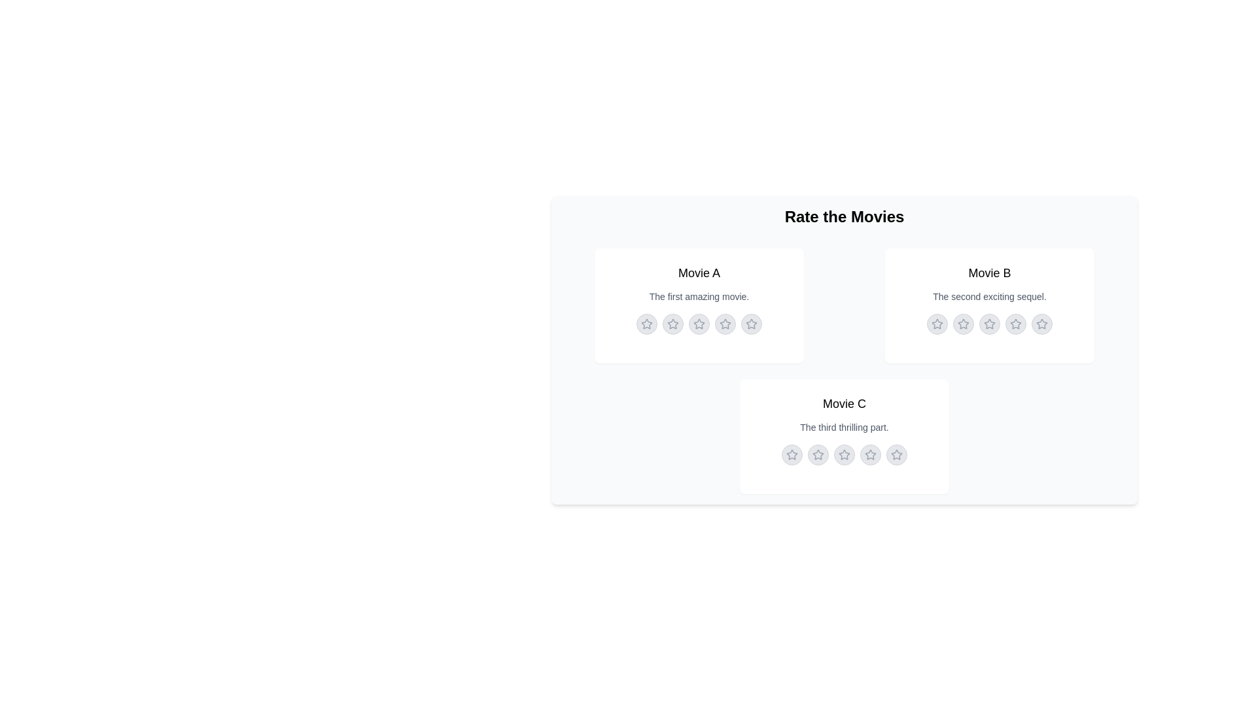  Describe the element at coordinates (818, 454) in the screenshot. I see `the first star icon in the horizontal row of five stars located under the 'Movie C' section in the 'Rate the Movies' interface` at that location.